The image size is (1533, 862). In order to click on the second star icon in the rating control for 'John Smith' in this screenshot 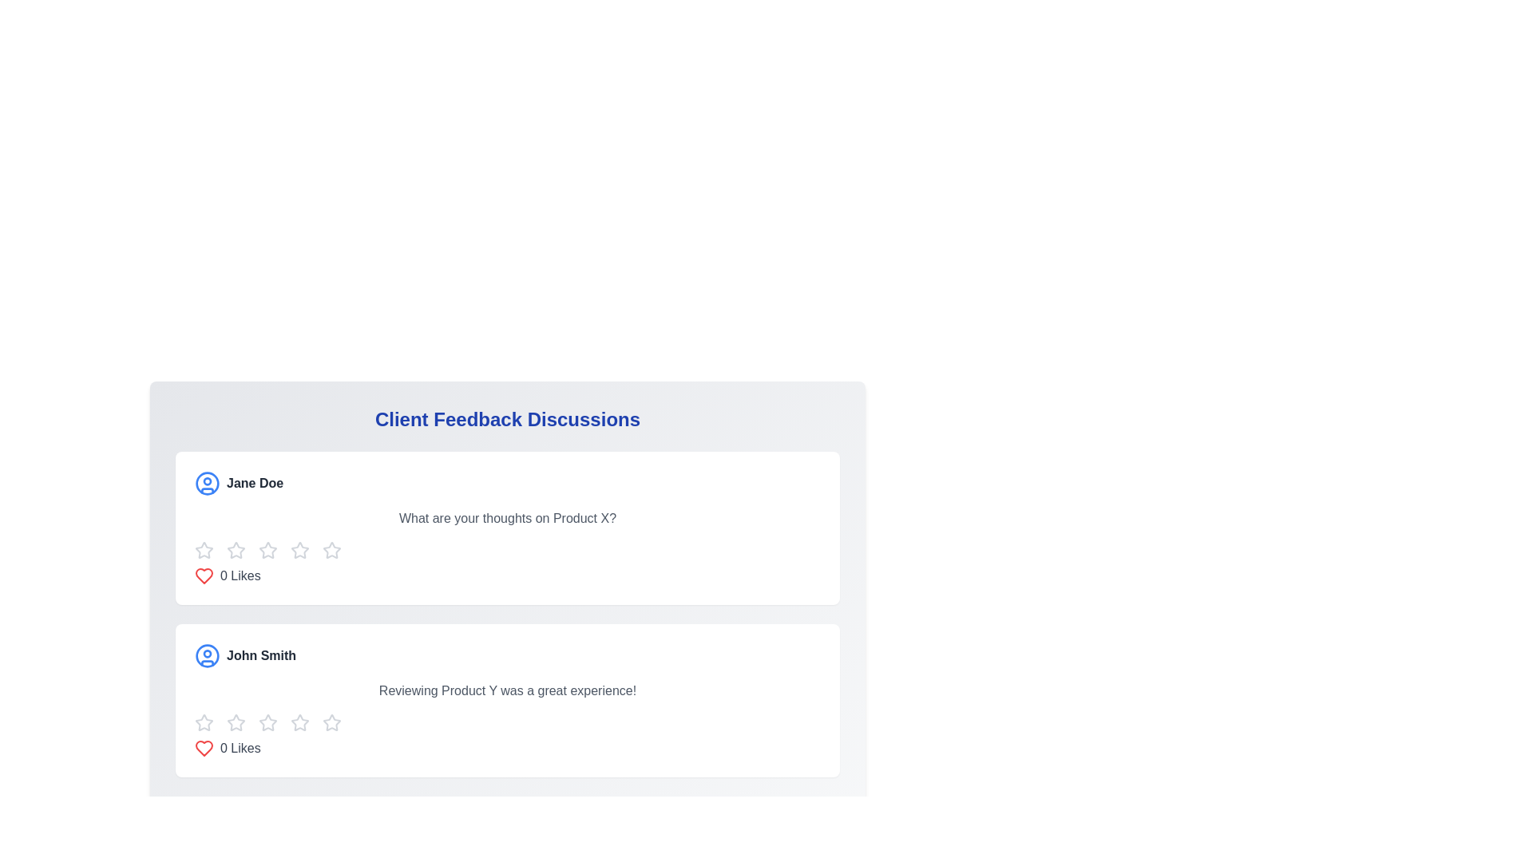, I will do `click(236, 723)`.